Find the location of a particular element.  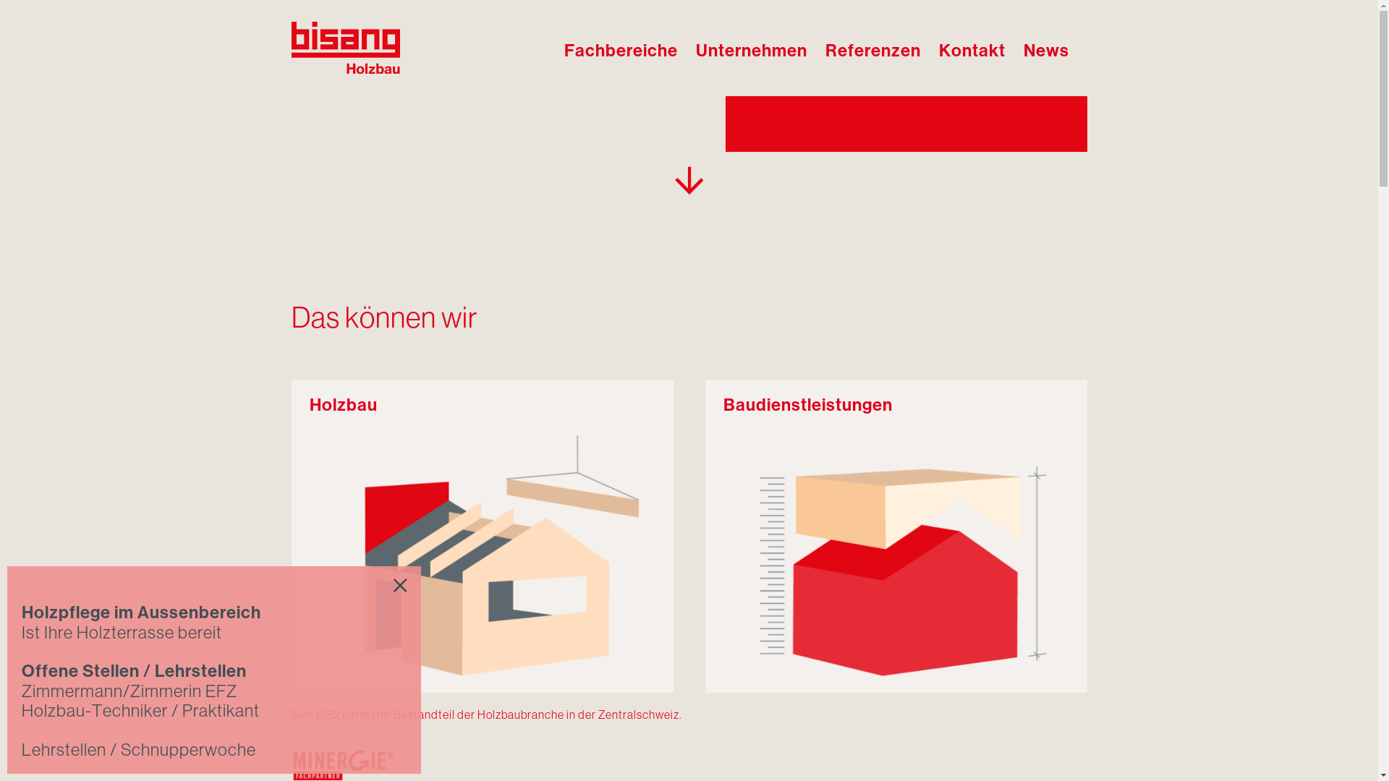

'Holzbau-Techniker / Praktikant' is located at coordinates (140, 709).